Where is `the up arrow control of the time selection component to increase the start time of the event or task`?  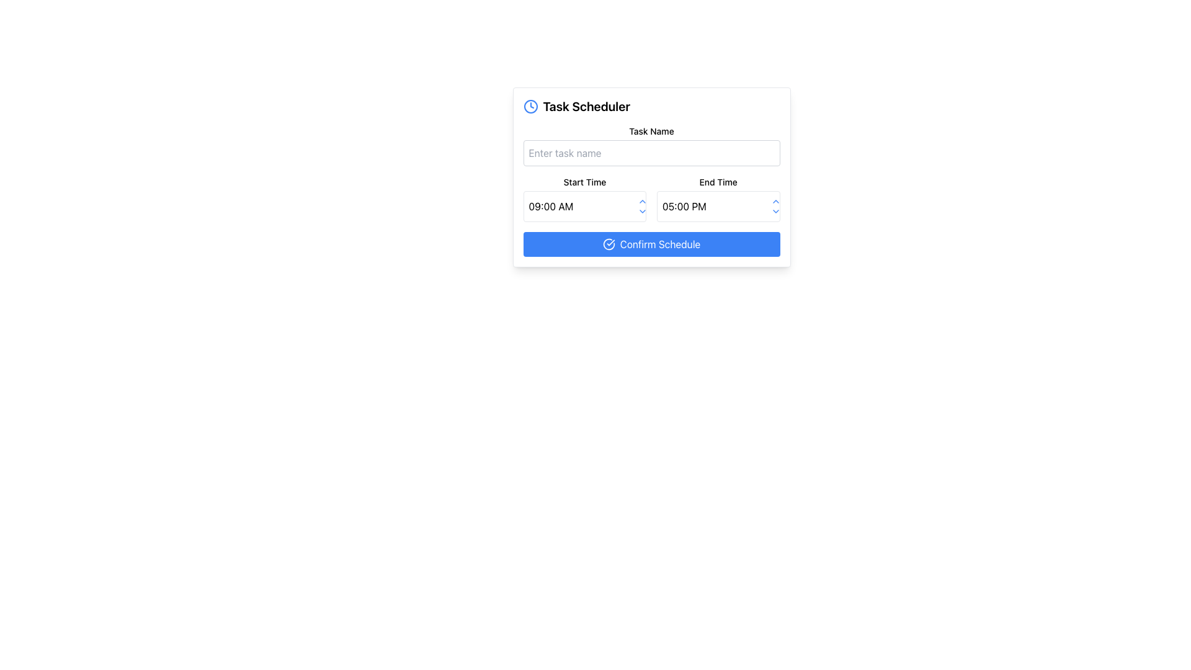
the up arrow control of the time selection component to increase the start time of the event or task is located at coordinates (584, 198).